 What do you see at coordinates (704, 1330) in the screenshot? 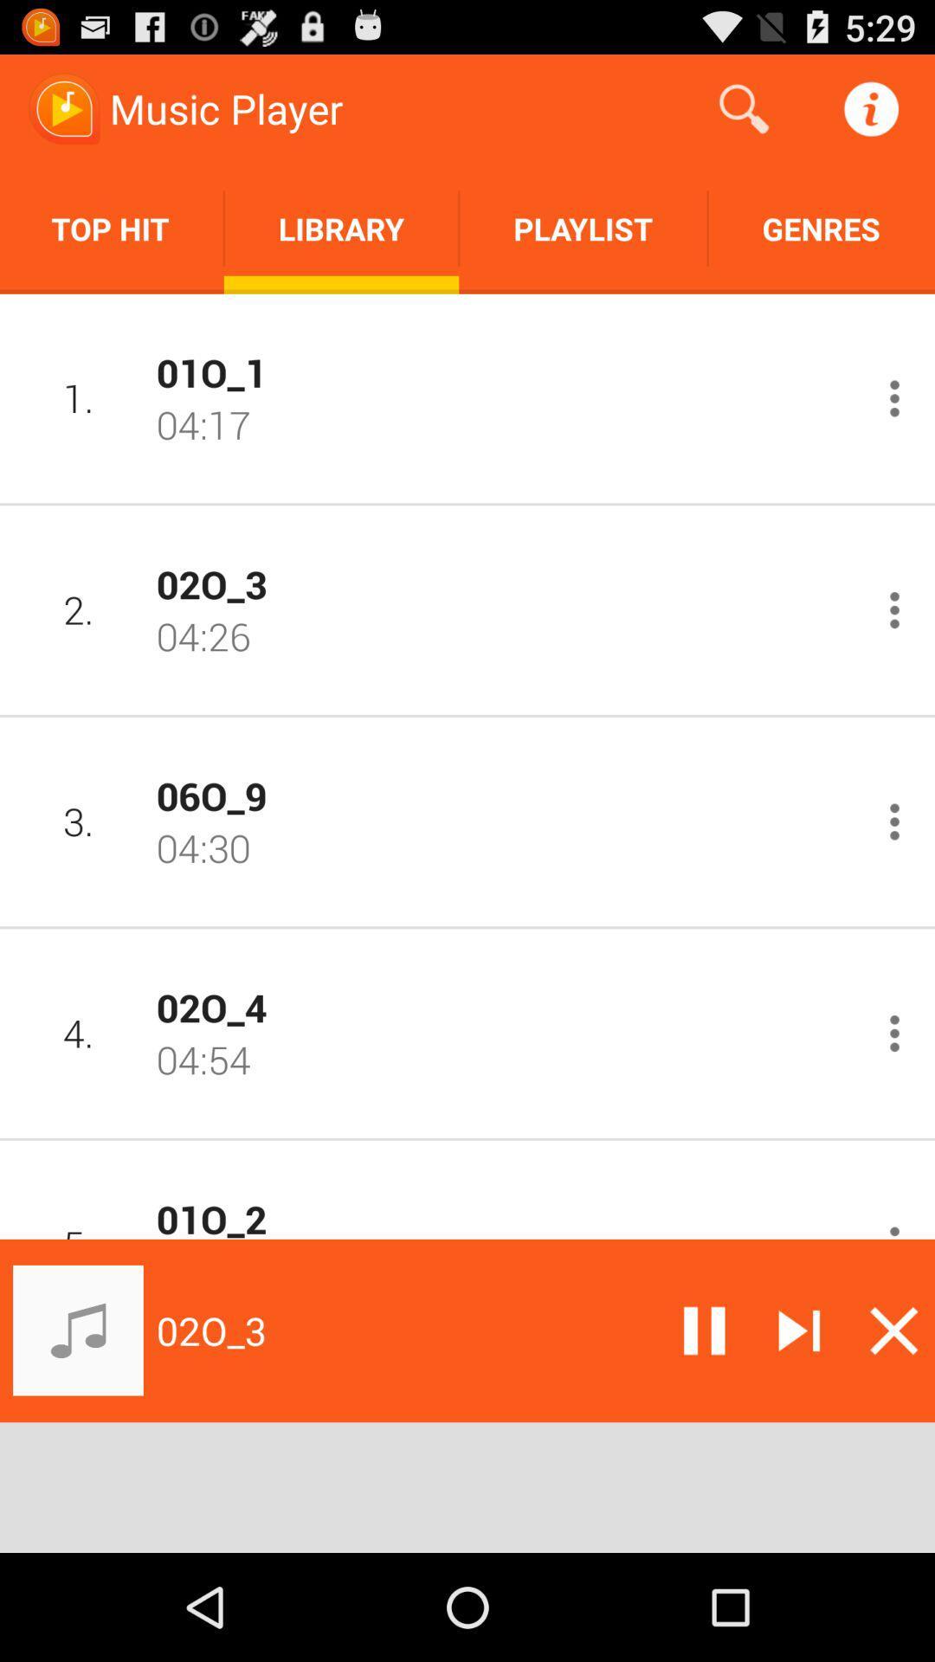
I see `pause song` at bounding box center [704, 1330].